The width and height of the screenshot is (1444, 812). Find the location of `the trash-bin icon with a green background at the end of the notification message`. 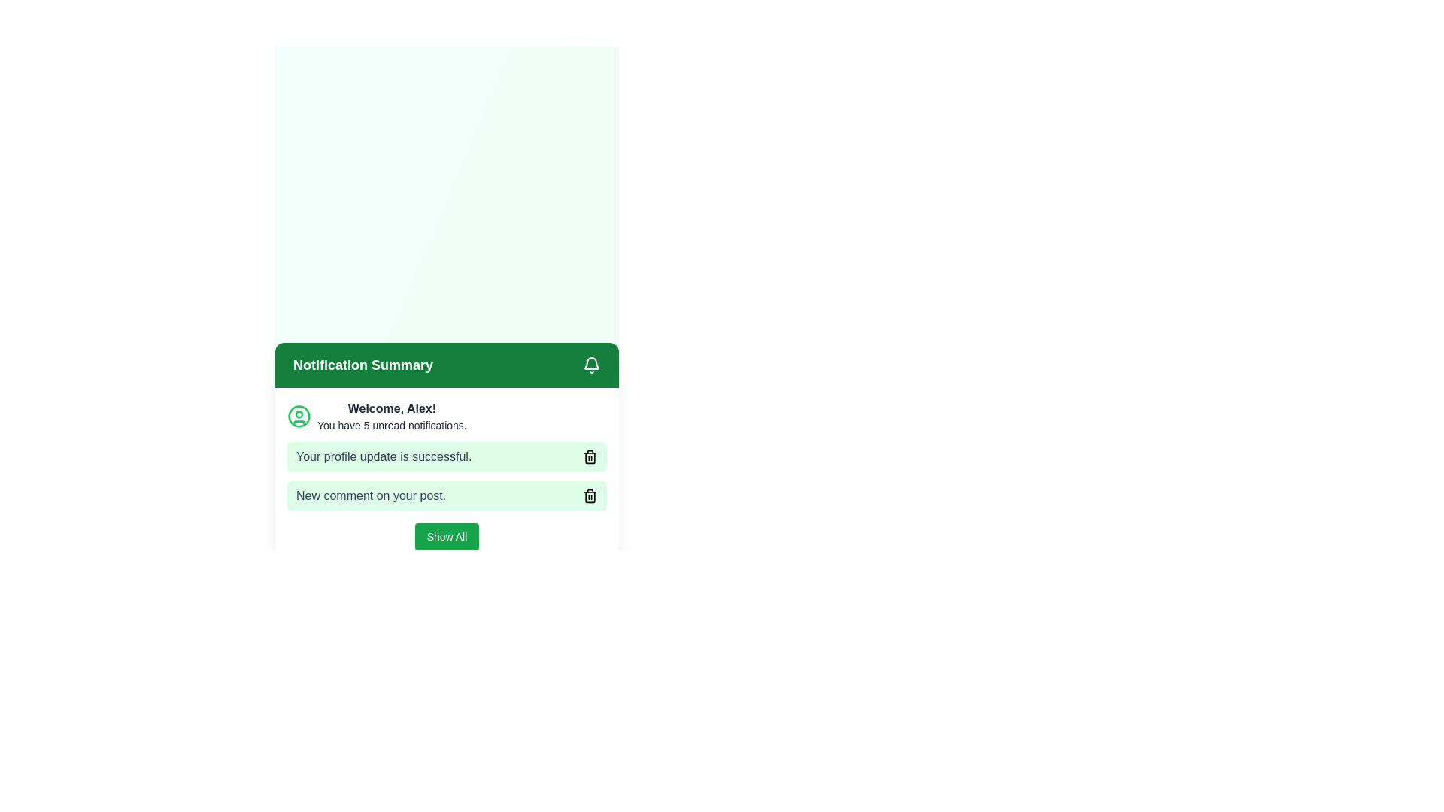

the trash-bin icon with a green background at the end of the notification message is located at coordinates (590, 456).